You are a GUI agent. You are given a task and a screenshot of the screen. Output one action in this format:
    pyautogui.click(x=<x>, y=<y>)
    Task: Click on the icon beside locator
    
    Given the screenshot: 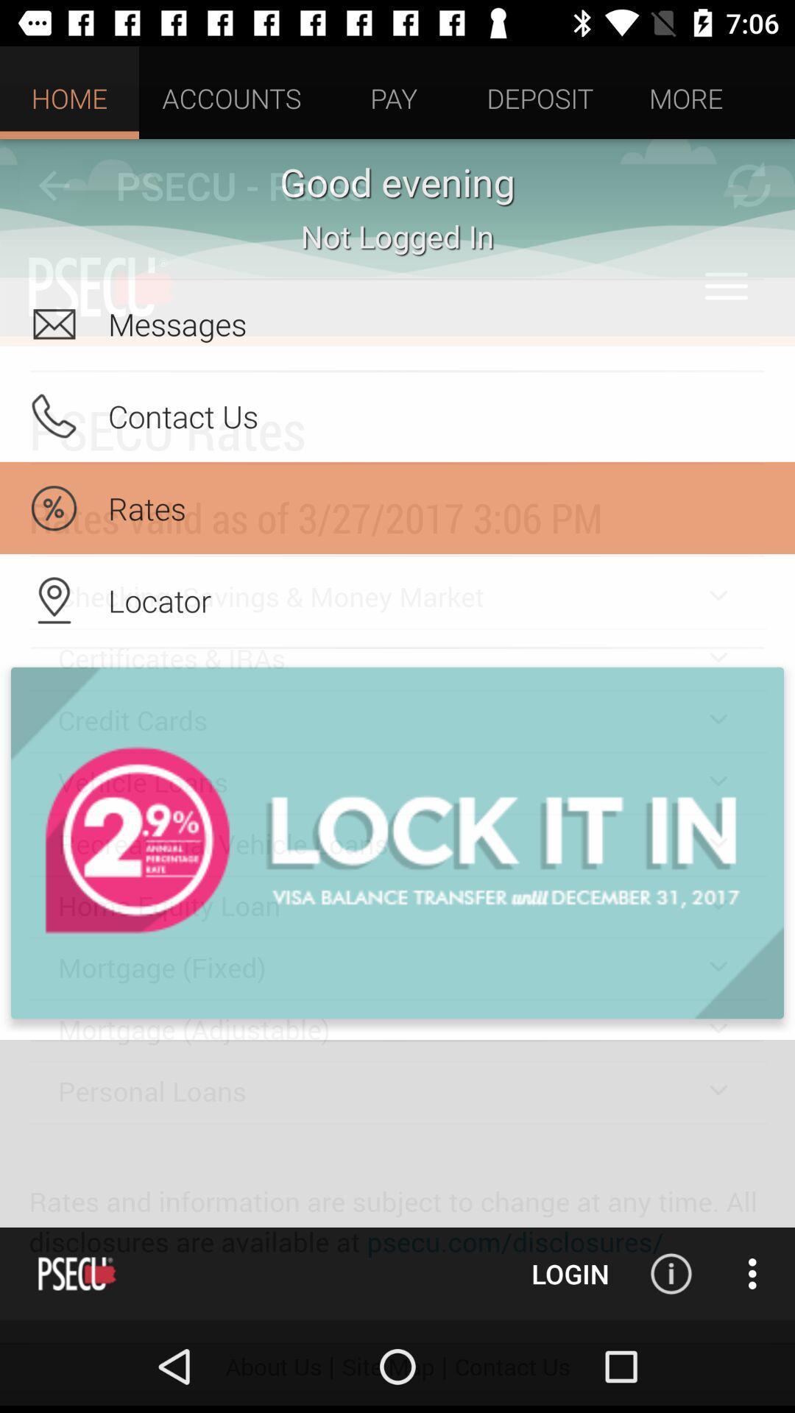 What is the action you would take?
    pyautogui.click(x=53, y=601)
    